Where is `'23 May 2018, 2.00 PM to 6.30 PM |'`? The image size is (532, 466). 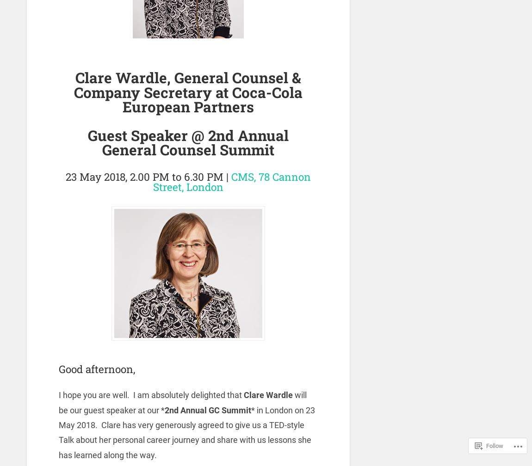
'23 May 2018, 2.00 PM to 6.30 PM |' is located at coordinates (148, 176).